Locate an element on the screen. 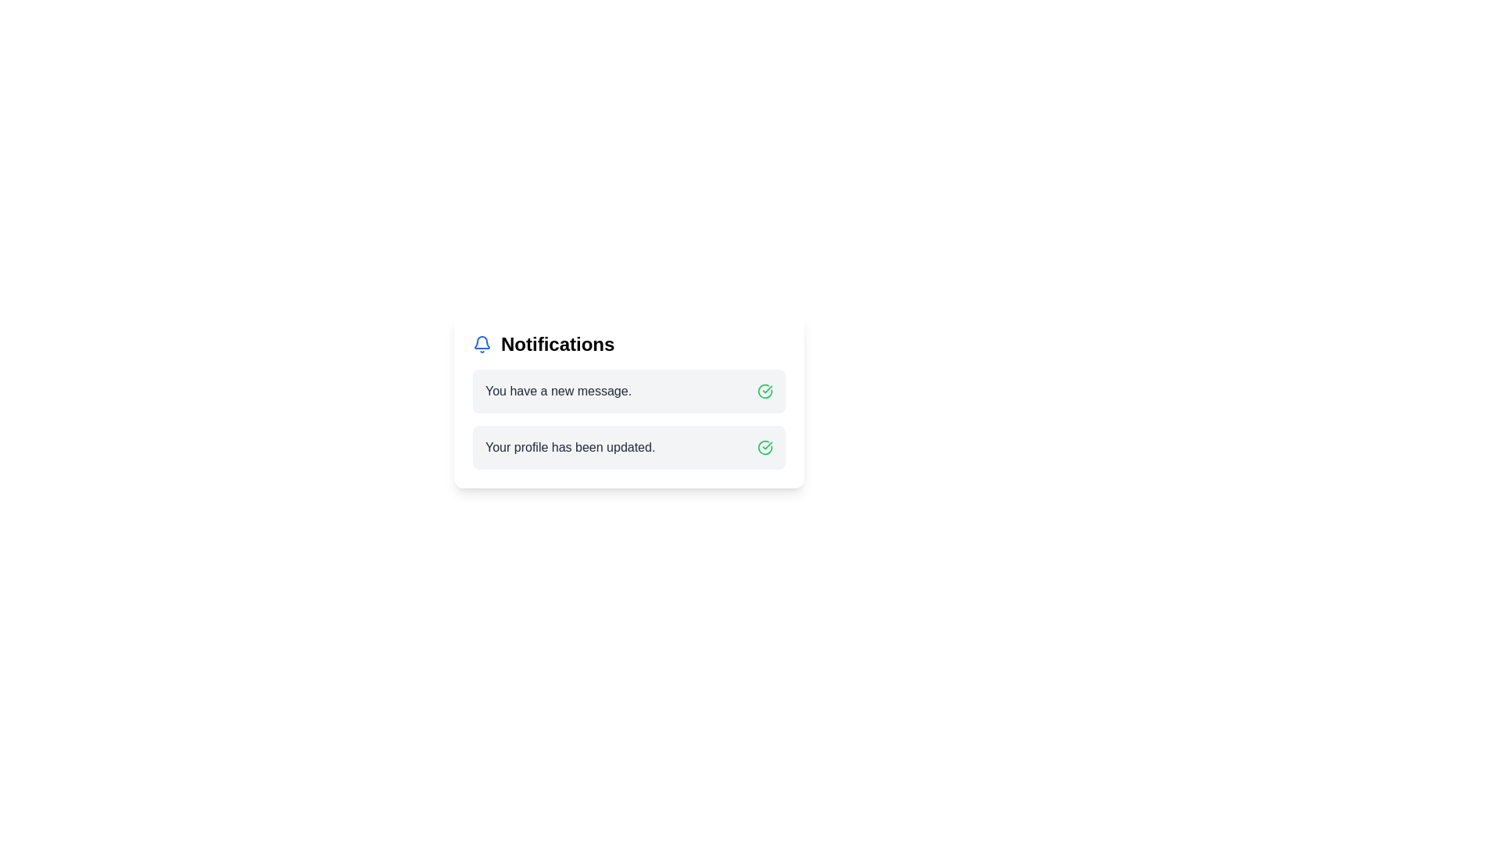 This screenshot has height=844, width=1501. the bell-shaped icon representing the main body of the notification graphic located in the top-left corner of the card displaying a 'Notifications' label is located at coordinates (482, 342).